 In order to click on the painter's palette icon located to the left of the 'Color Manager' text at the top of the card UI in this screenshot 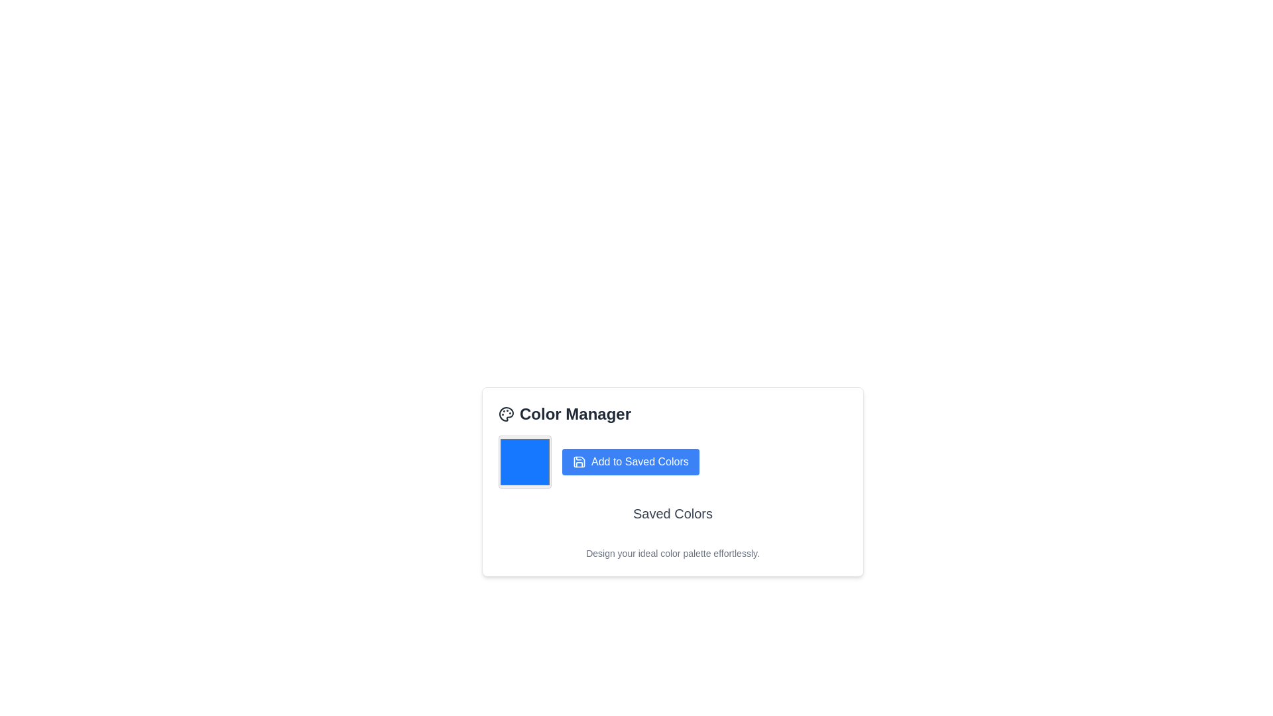, I will do `click(505, 413)`.